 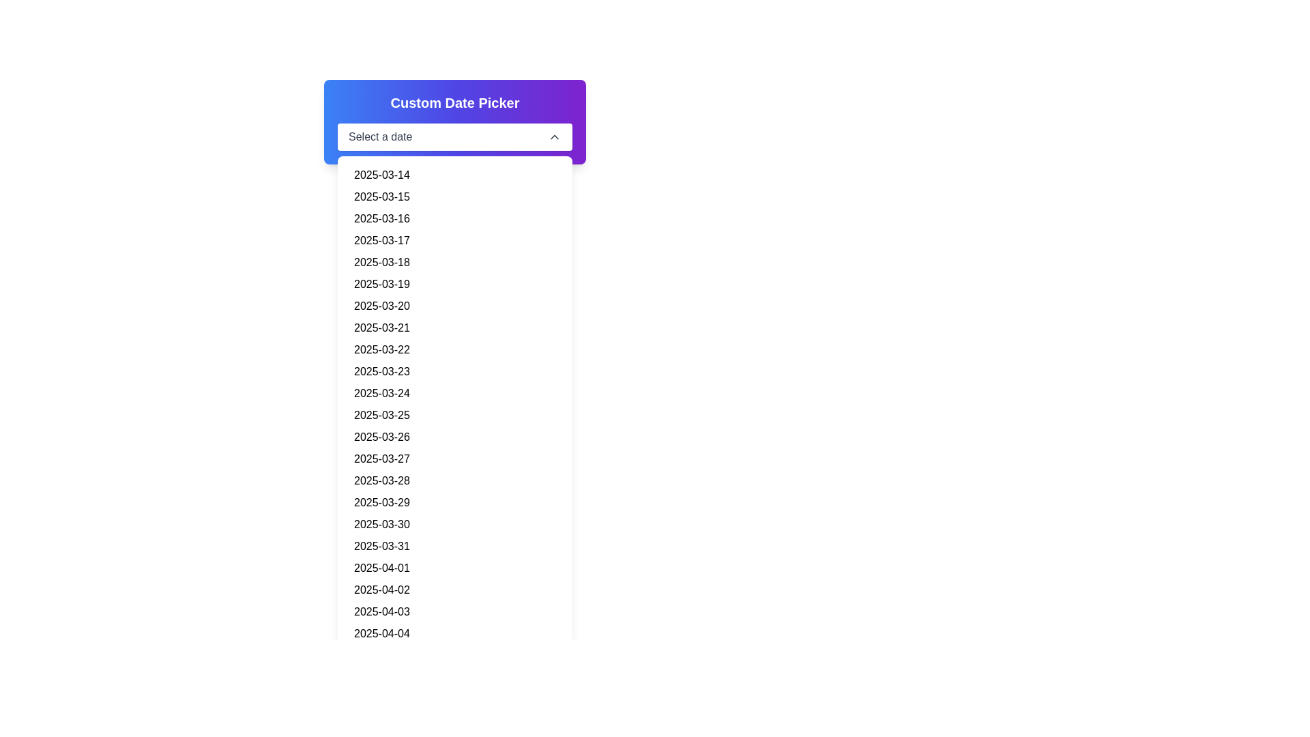 I want to click on the Text Label that serves as a heading for the date picker component, which is positioned at the top of the group component, directly above the 'Select a date' dropdown, so click(x=455, y=102).